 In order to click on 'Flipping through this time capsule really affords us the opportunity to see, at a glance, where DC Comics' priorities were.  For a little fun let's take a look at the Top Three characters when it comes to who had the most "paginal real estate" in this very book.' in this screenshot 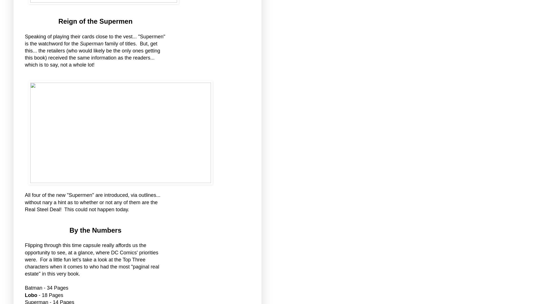, I will do `click(92, 259)`.